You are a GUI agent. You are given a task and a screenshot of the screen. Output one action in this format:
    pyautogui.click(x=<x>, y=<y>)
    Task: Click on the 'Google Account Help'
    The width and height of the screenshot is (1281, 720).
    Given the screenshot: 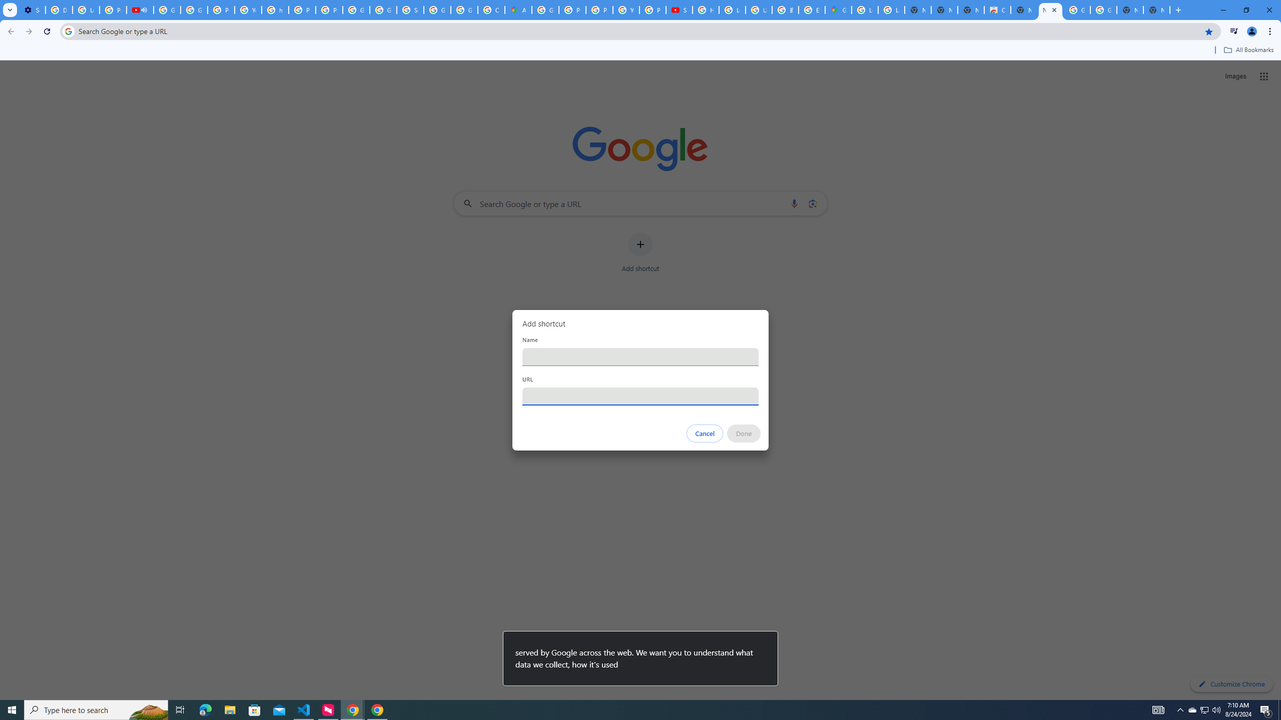 What is the action you would take?
    pyautogui.click(x=167, y=9)
    